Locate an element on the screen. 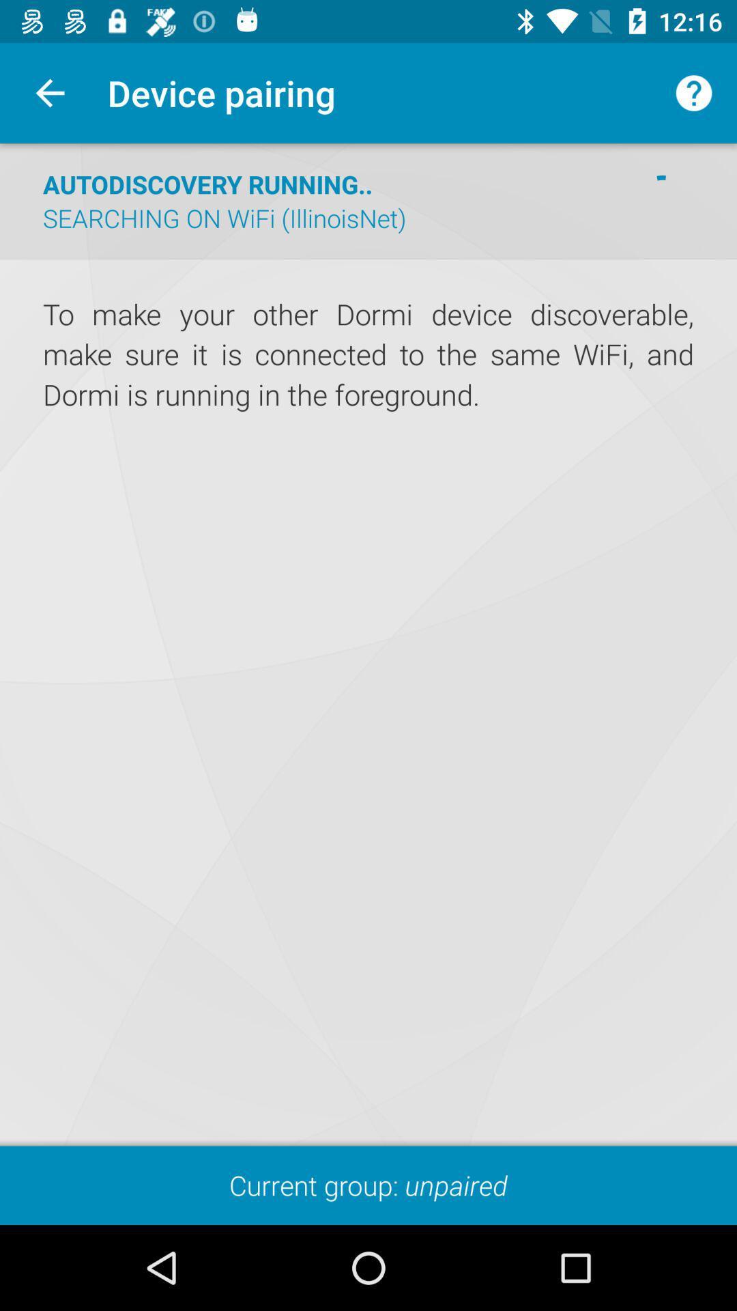 Image resolution: width=737 pixels, height=1311 pixels. to make your icon is located at coordinates (369, 355).